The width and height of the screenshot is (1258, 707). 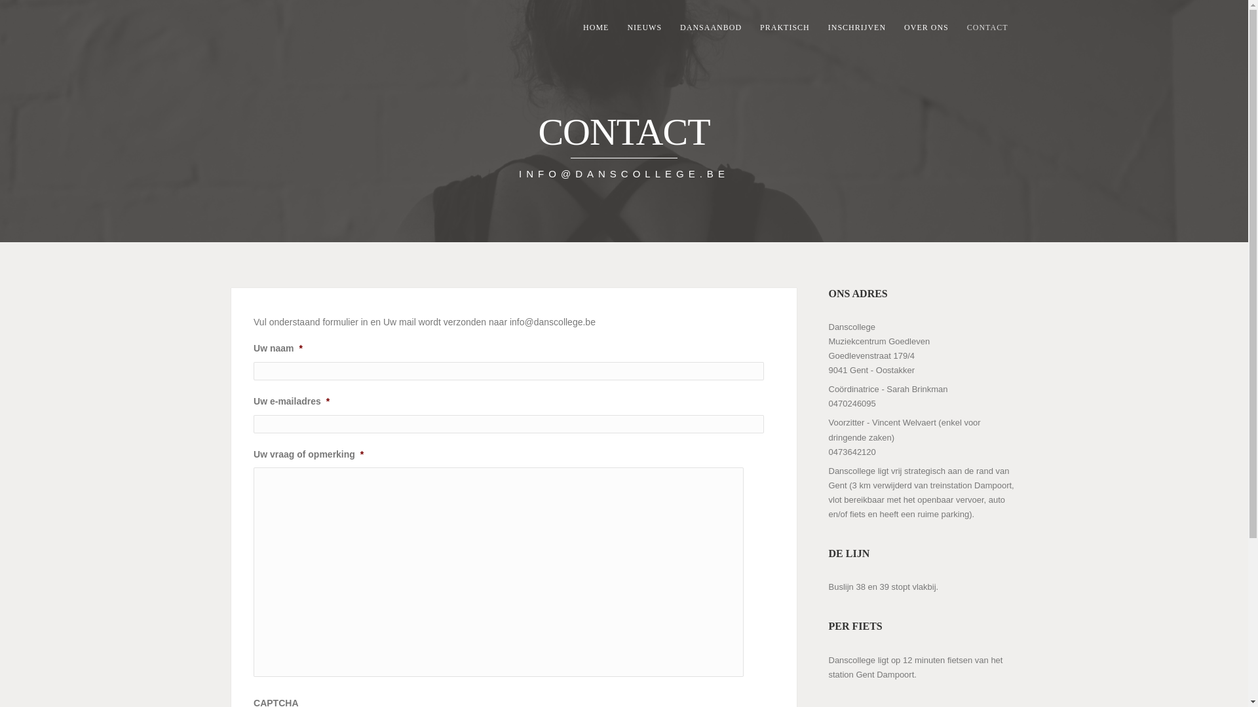 I want to click on 'PRAKTISCH', so click(x=785, y=27).